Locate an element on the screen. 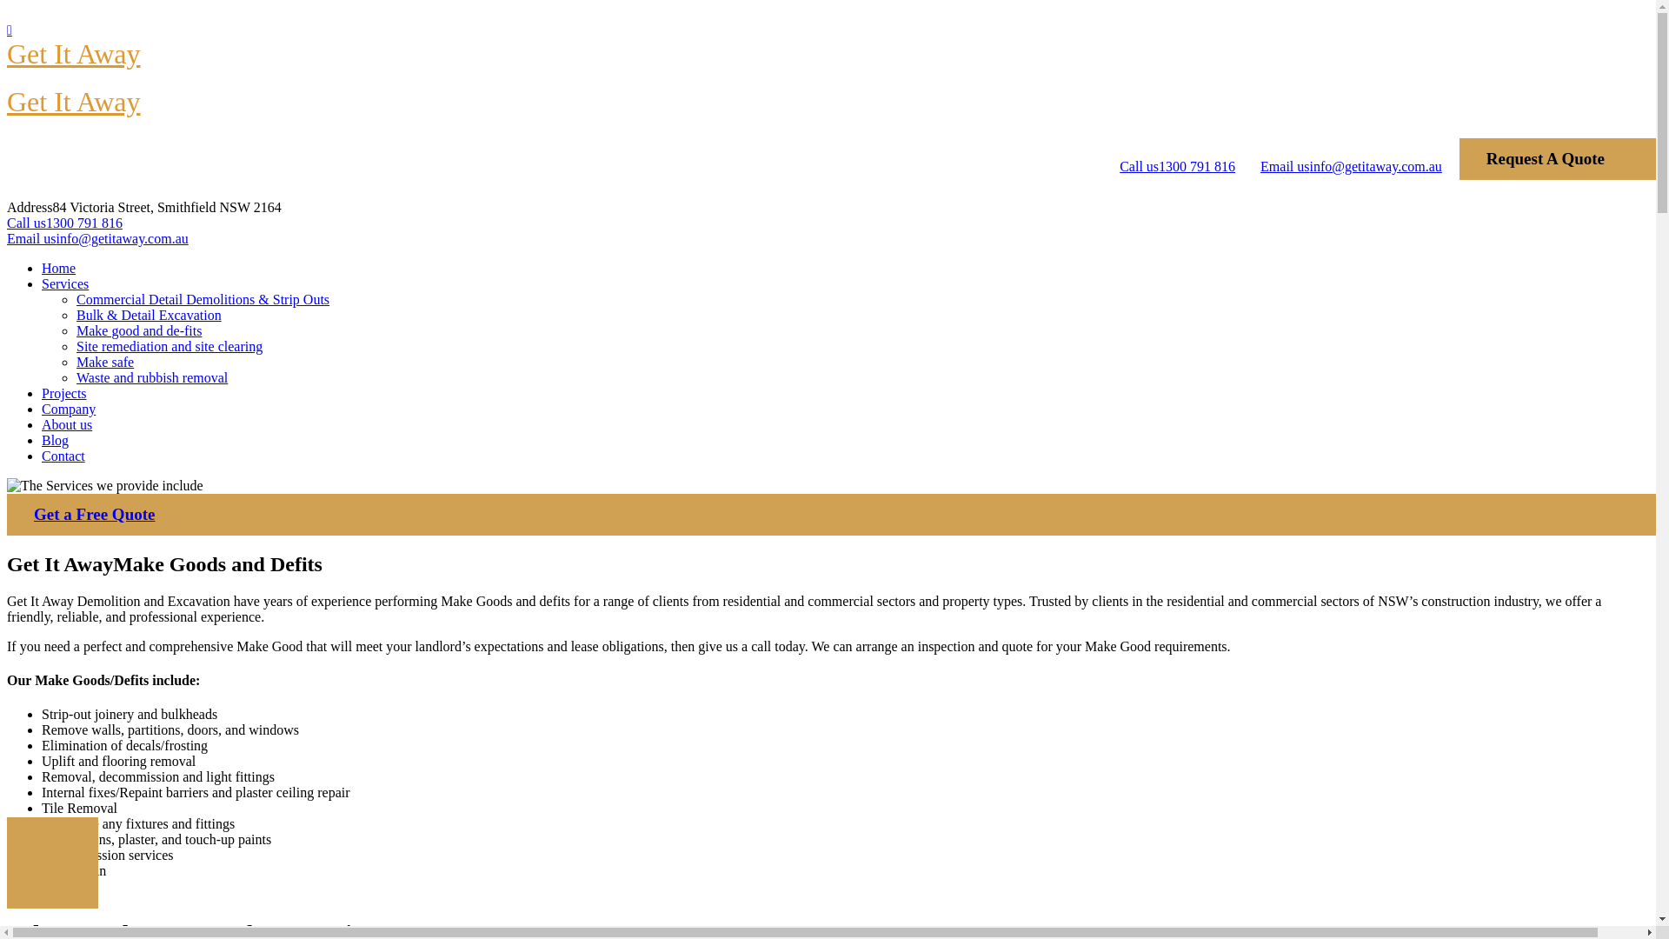 The width and height of the screenshot is (1669, 939). 'Call us1300 791 816' is located at coordinates (1177, 158).